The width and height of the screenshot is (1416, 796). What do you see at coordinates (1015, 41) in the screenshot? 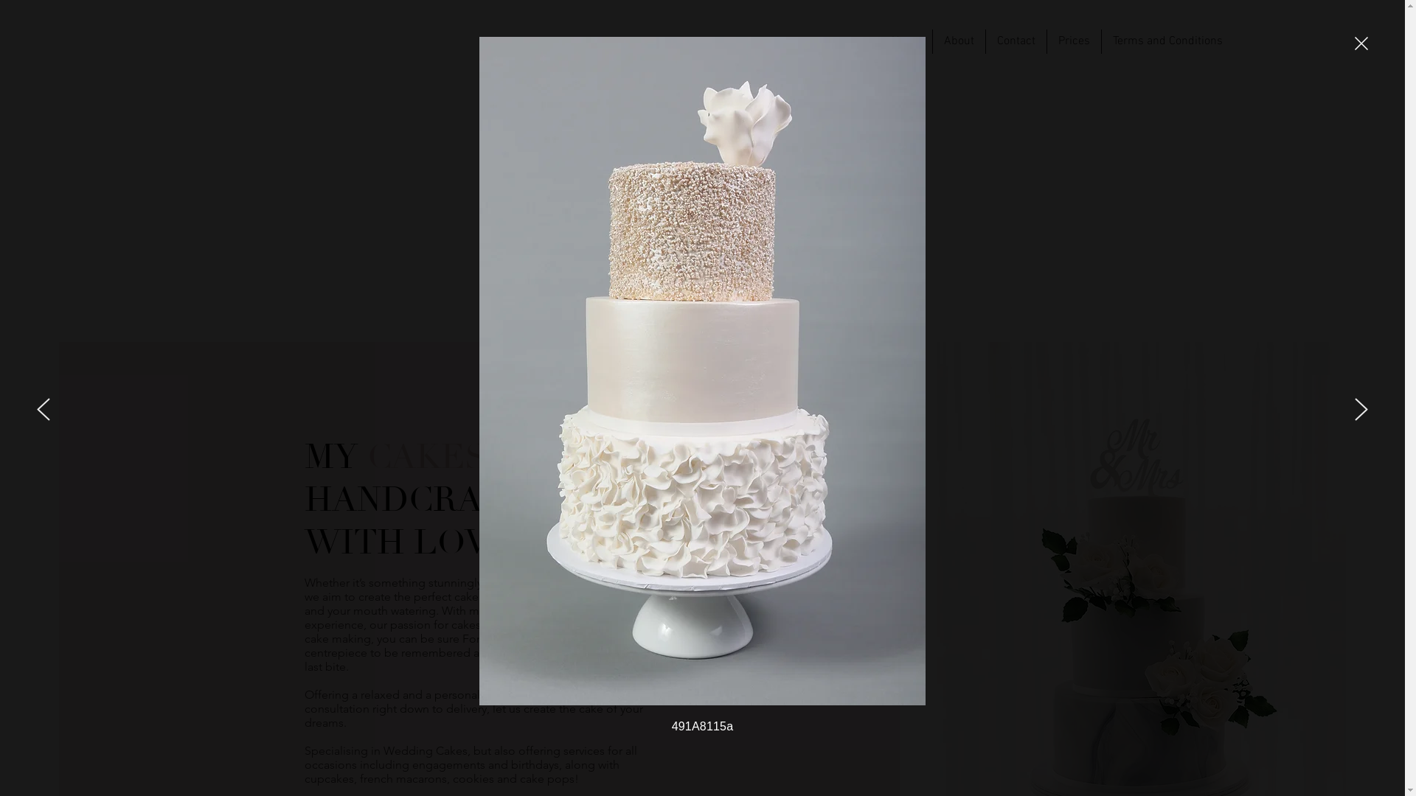
I see `'Contact'` at bounding box center [1015, 41].